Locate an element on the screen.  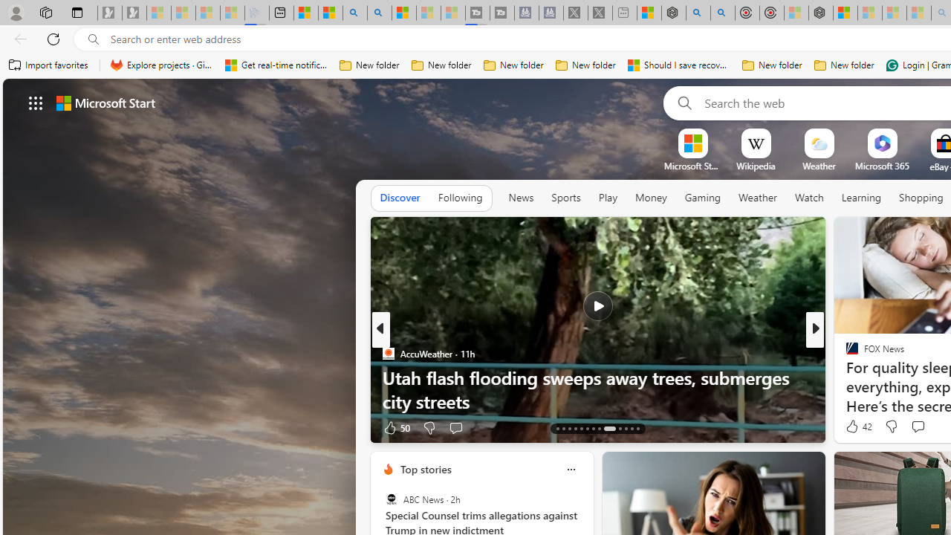
'Money' is located at coordinates (651, 197).